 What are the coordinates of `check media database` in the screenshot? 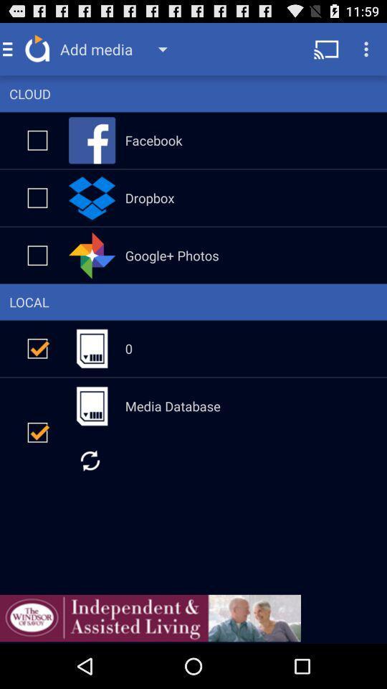 It's located at (37, 431).